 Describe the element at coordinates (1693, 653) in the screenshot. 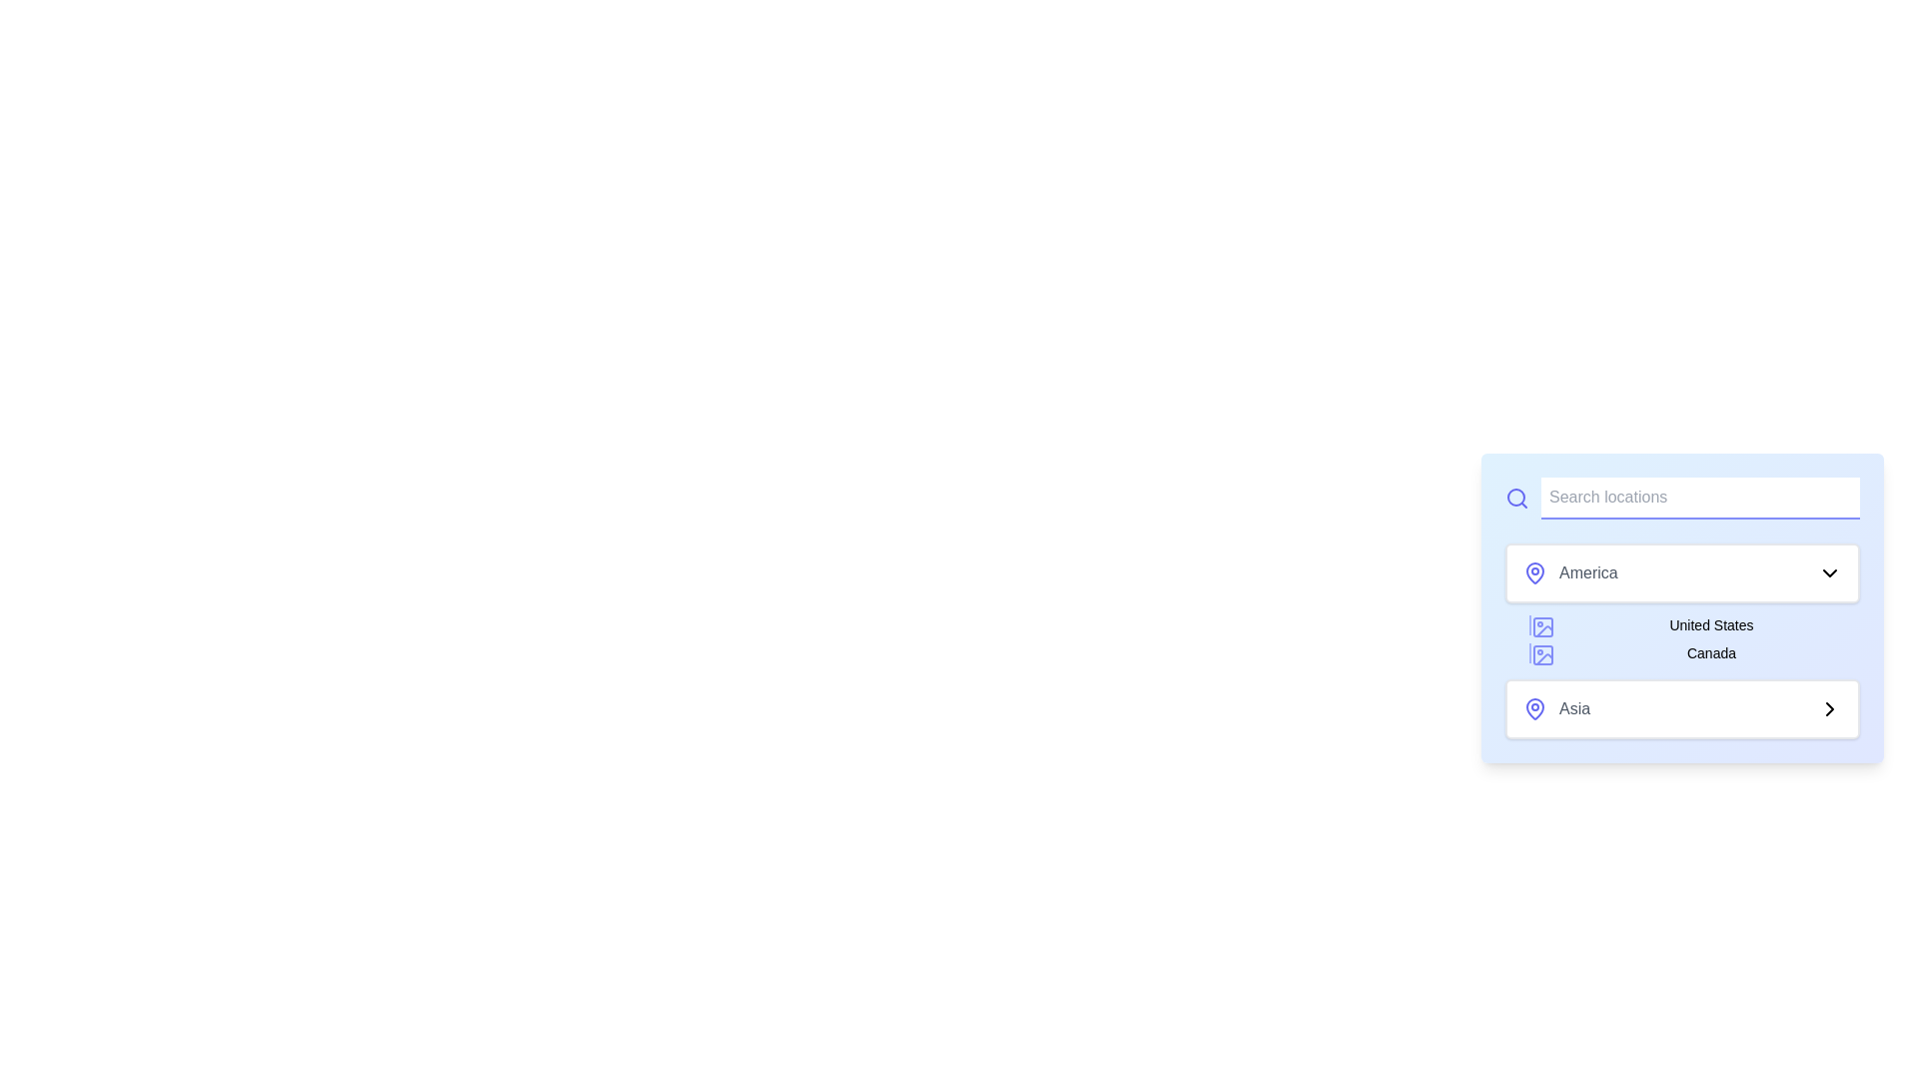

I see `to select the 'Canada' option in the selectable list under the 'America' group, positioned below 'United States'` at that location.